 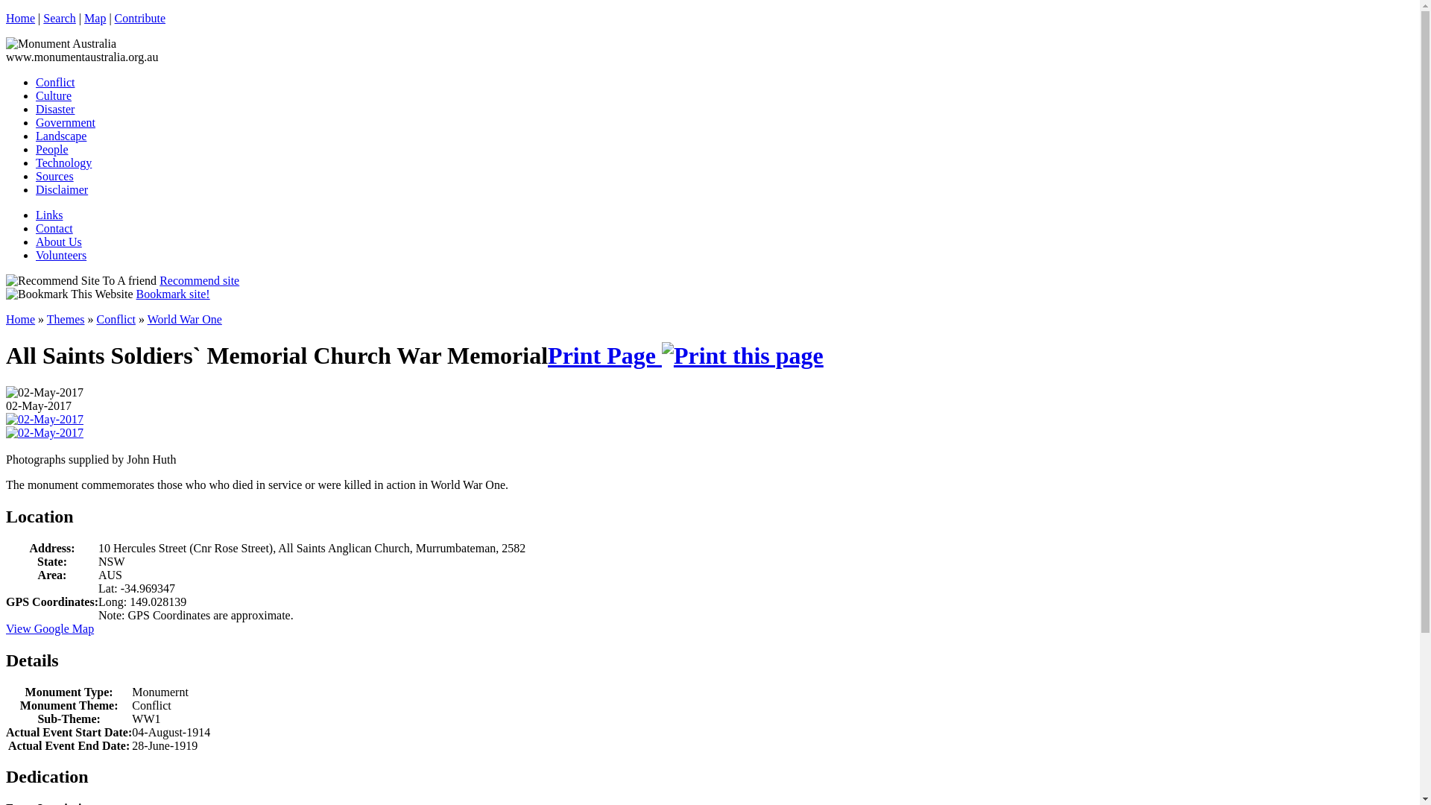 I want to click on 'Volunteers', so click(x=60, y=254).